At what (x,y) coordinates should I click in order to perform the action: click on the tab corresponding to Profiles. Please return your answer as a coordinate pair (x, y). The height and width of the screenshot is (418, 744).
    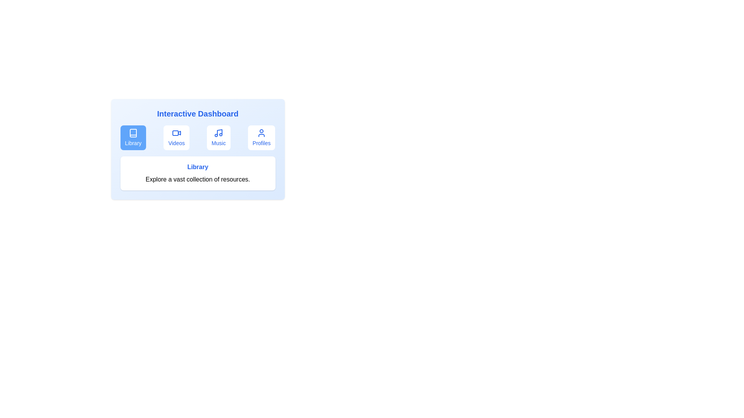
    Looking at the image, I should click on (262, 137).